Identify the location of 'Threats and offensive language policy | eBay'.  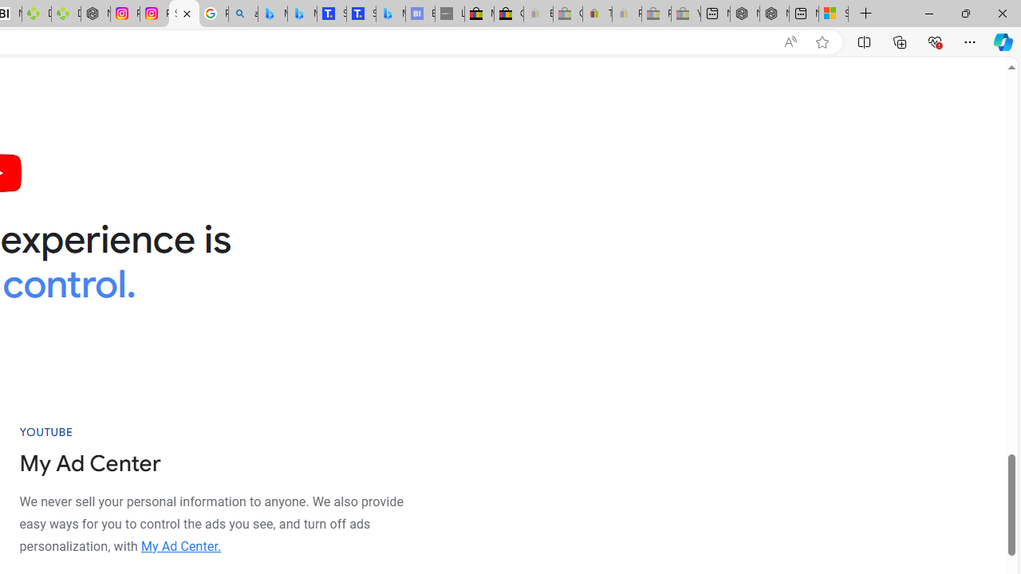
(596, 14).